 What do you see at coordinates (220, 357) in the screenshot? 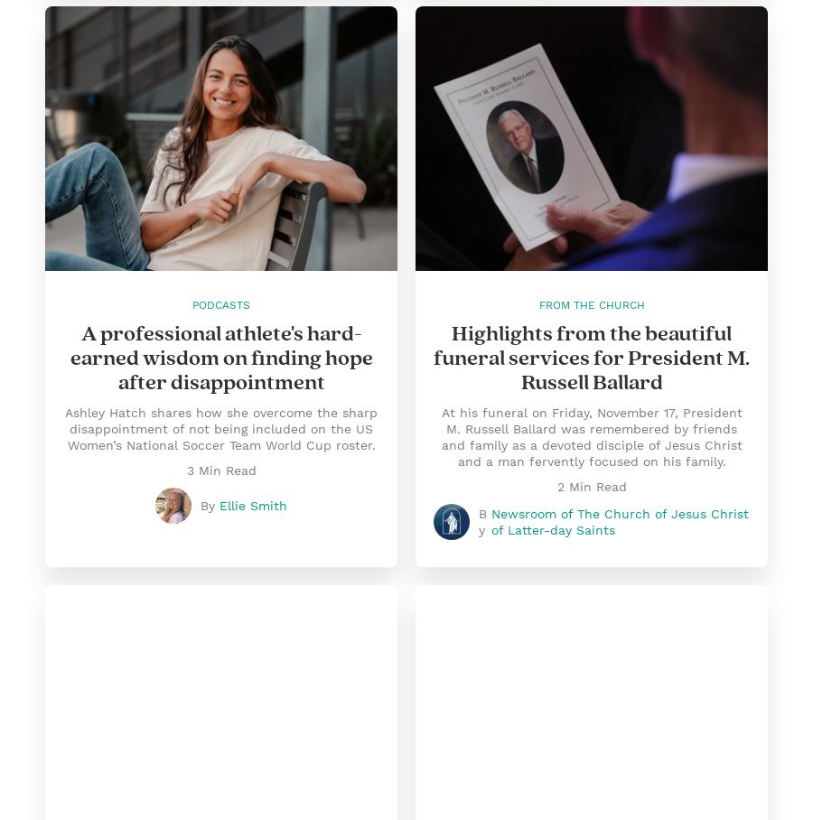
I see `'A professional athlete's hard-earned wisdom on finding hope after disappointment'` at bounding box center [220, 357].